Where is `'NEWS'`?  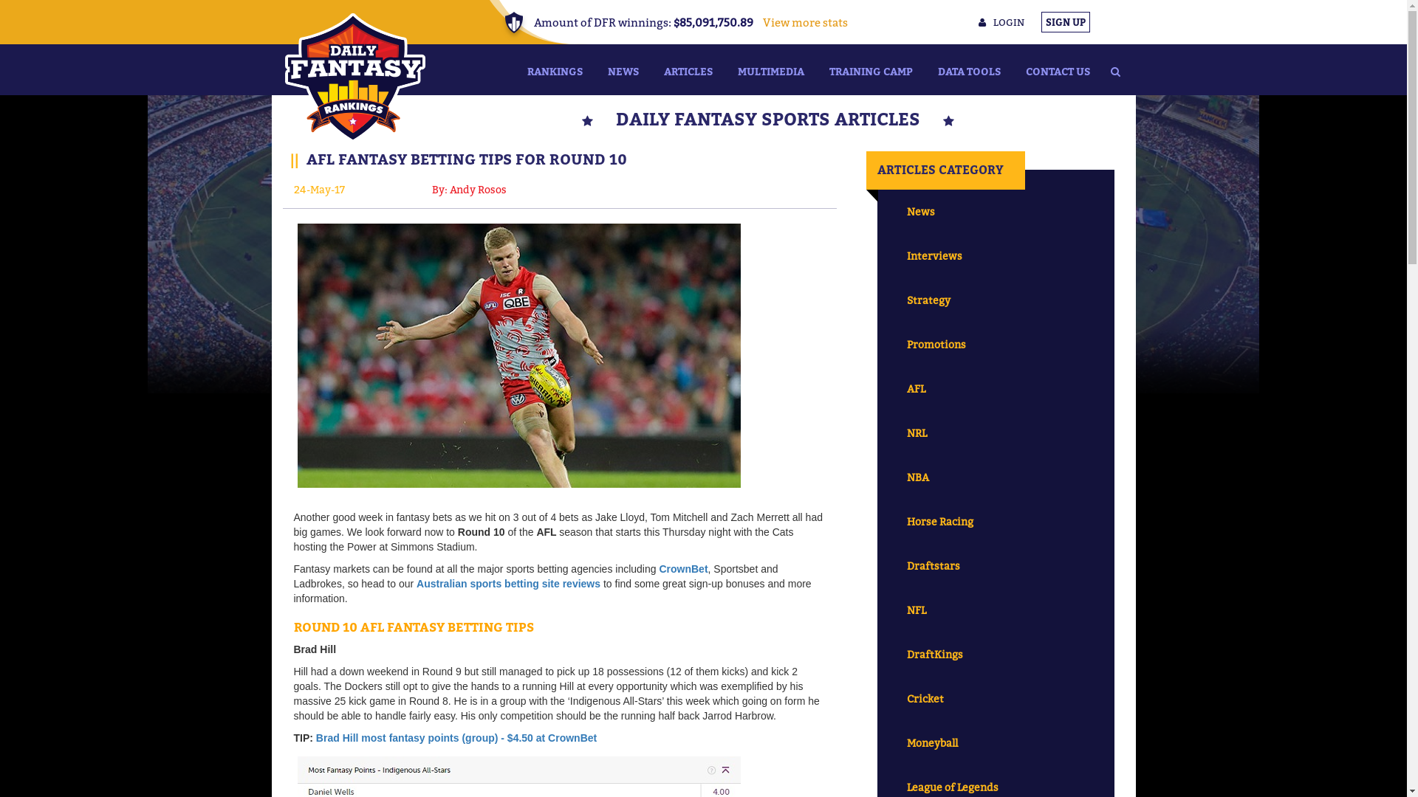 'NEWS' is located at coordinates (623, 69).